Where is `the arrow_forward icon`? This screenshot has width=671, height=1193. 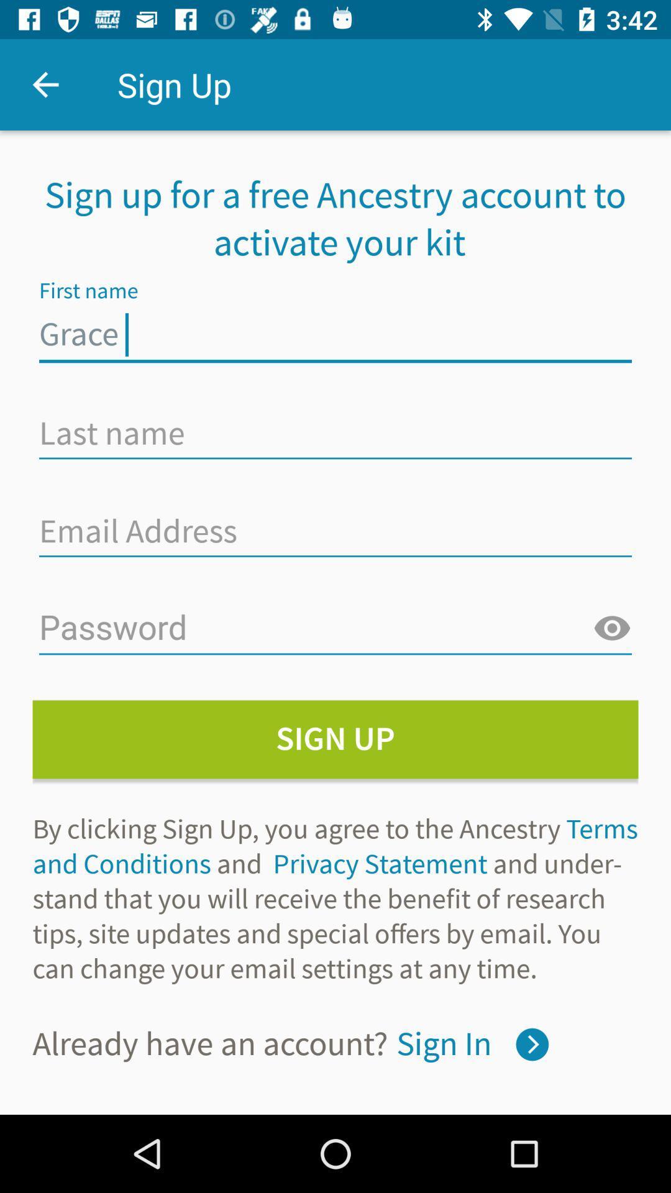
the arrow_forward icon is located at coordinates (531, 1044).